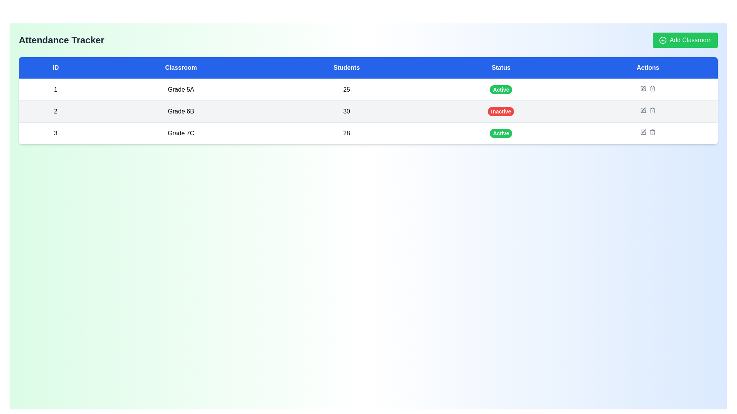 The image size is (737, 414). Describe the element at coordinates (644, 109) in the screenshot. I see `the pen icon in the 'Actions' column for the classroom 'Grade 6B'` at that location.